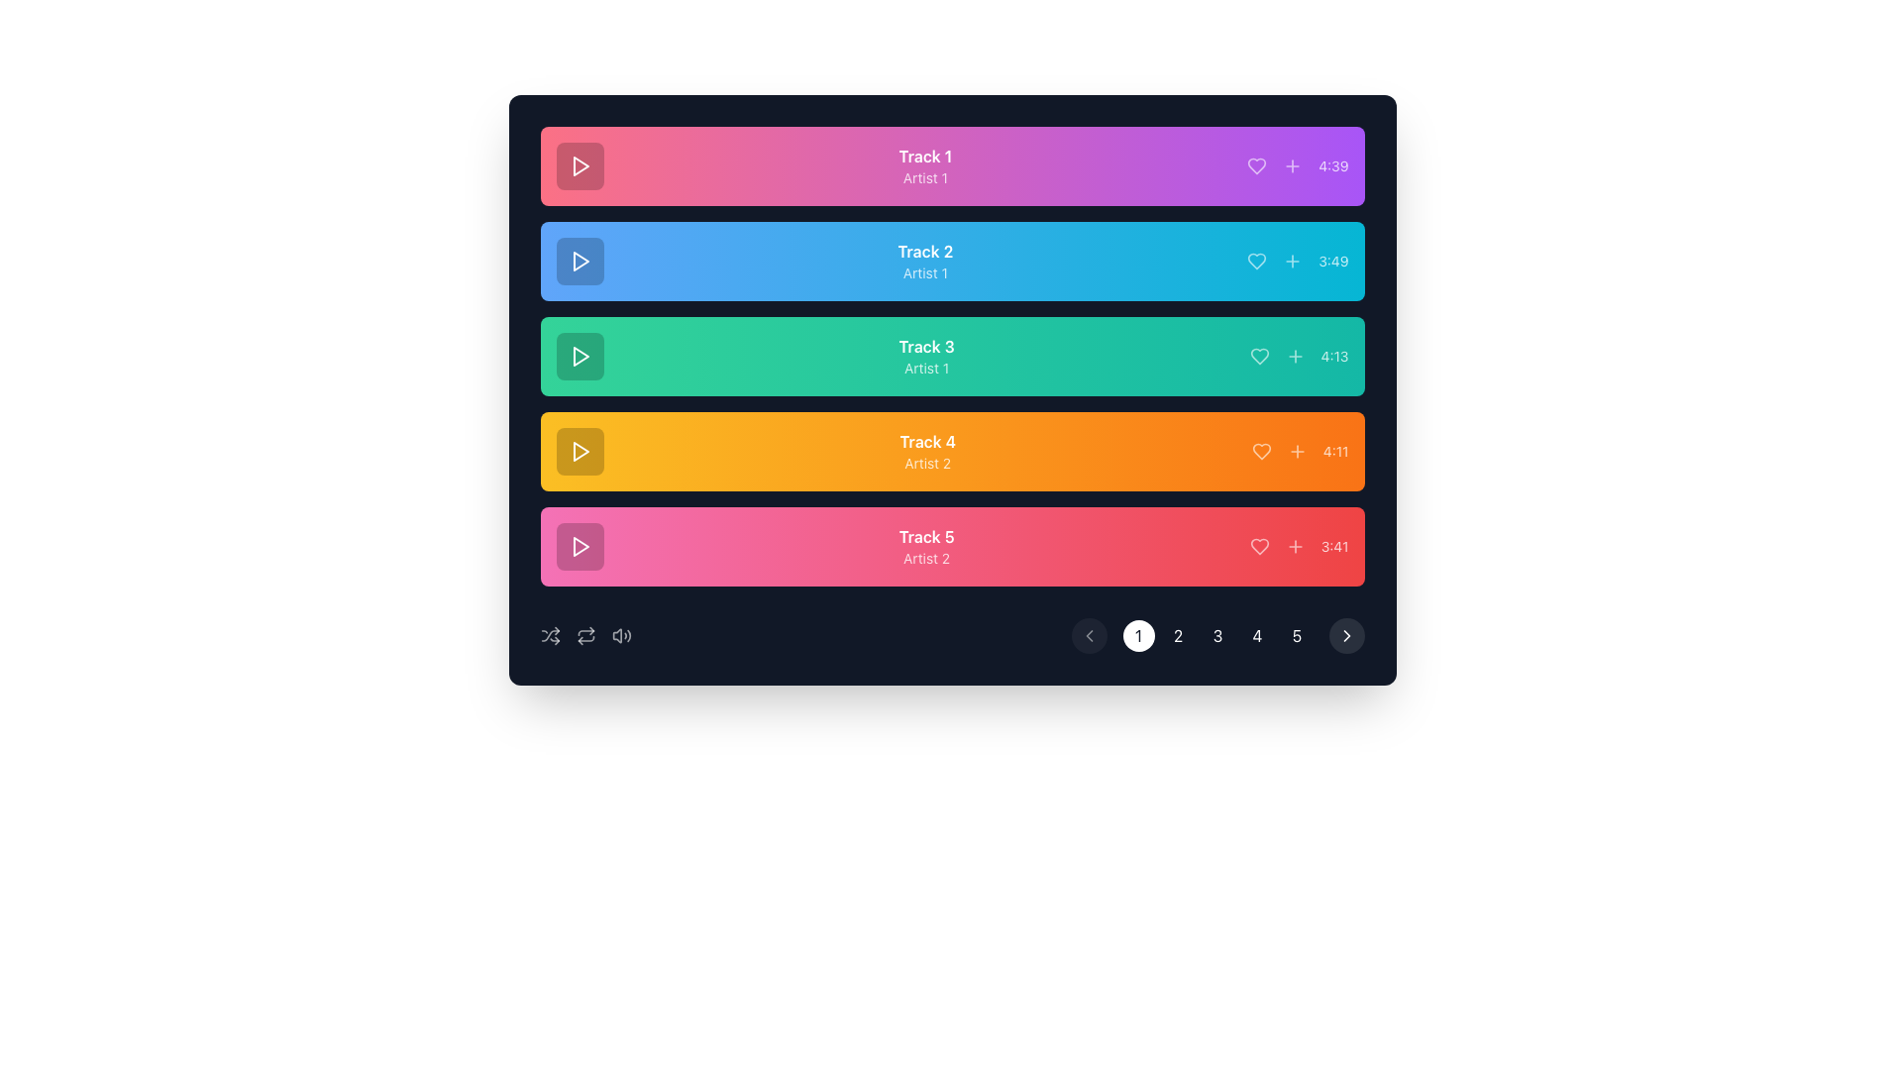 The height and width of the screenshot is (1070, 1902). What do you see at coordinates (952, 451) in the screenshot?
I see `the icons in the composite UI element displaying 'Track 4'` at bounding box center [952, 451].